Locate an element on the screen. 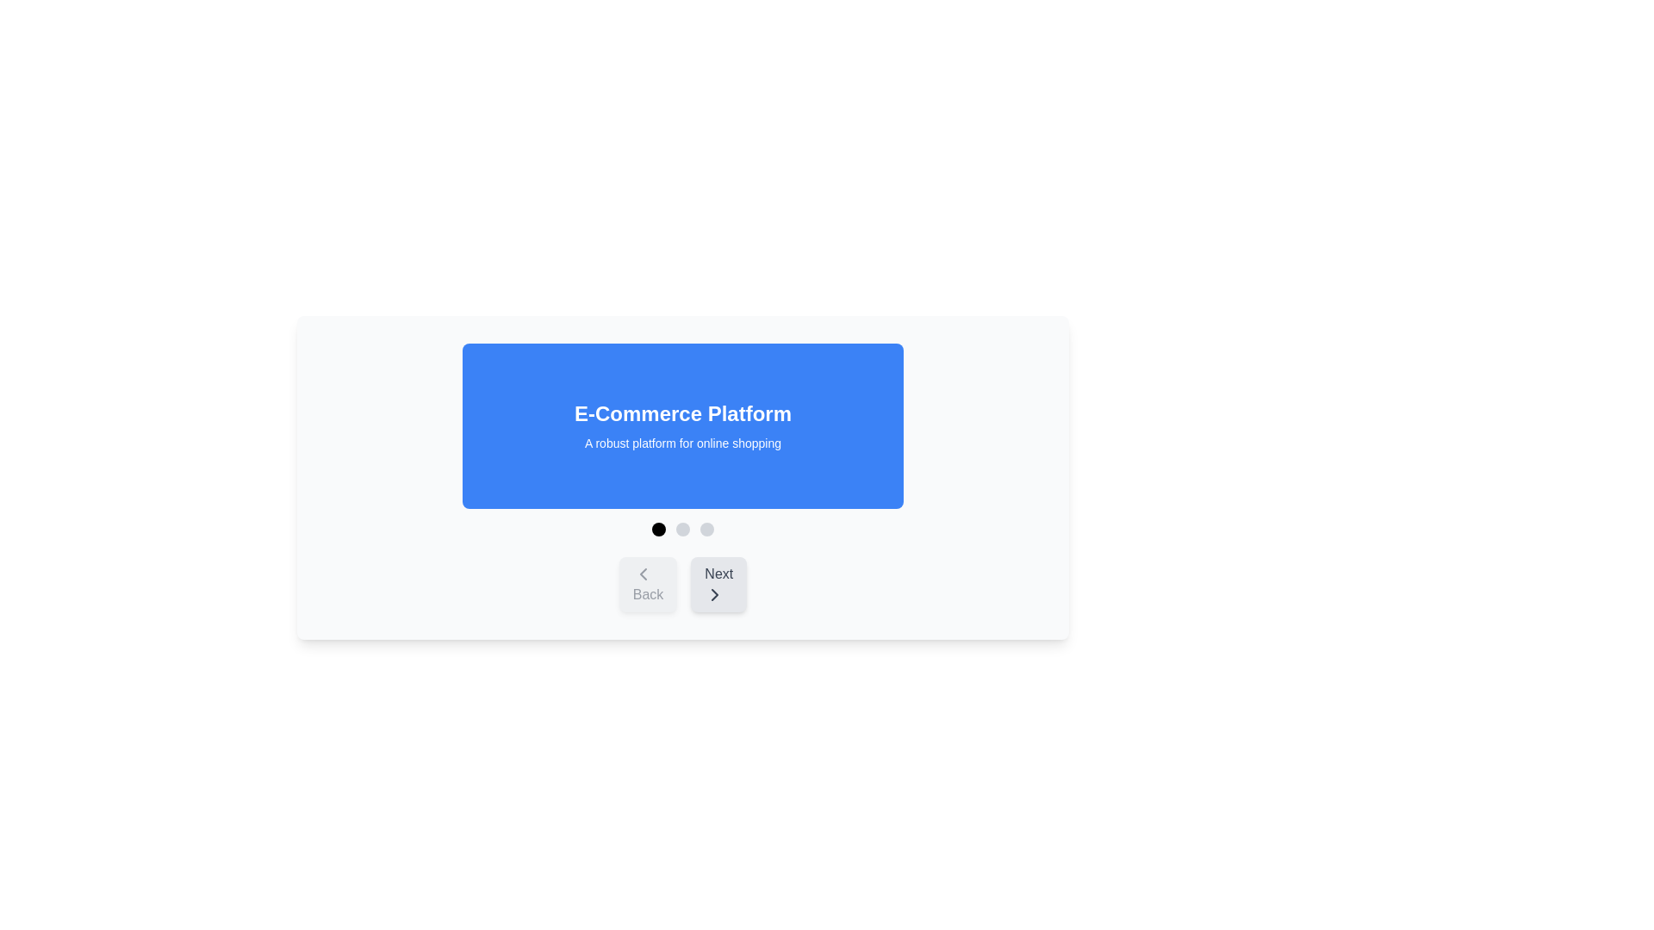  the 'Next' button, which has a light gray background, rounded corners, and displays a dark gray text with an arrow icon pointing right is located at coordinates (718, 583).